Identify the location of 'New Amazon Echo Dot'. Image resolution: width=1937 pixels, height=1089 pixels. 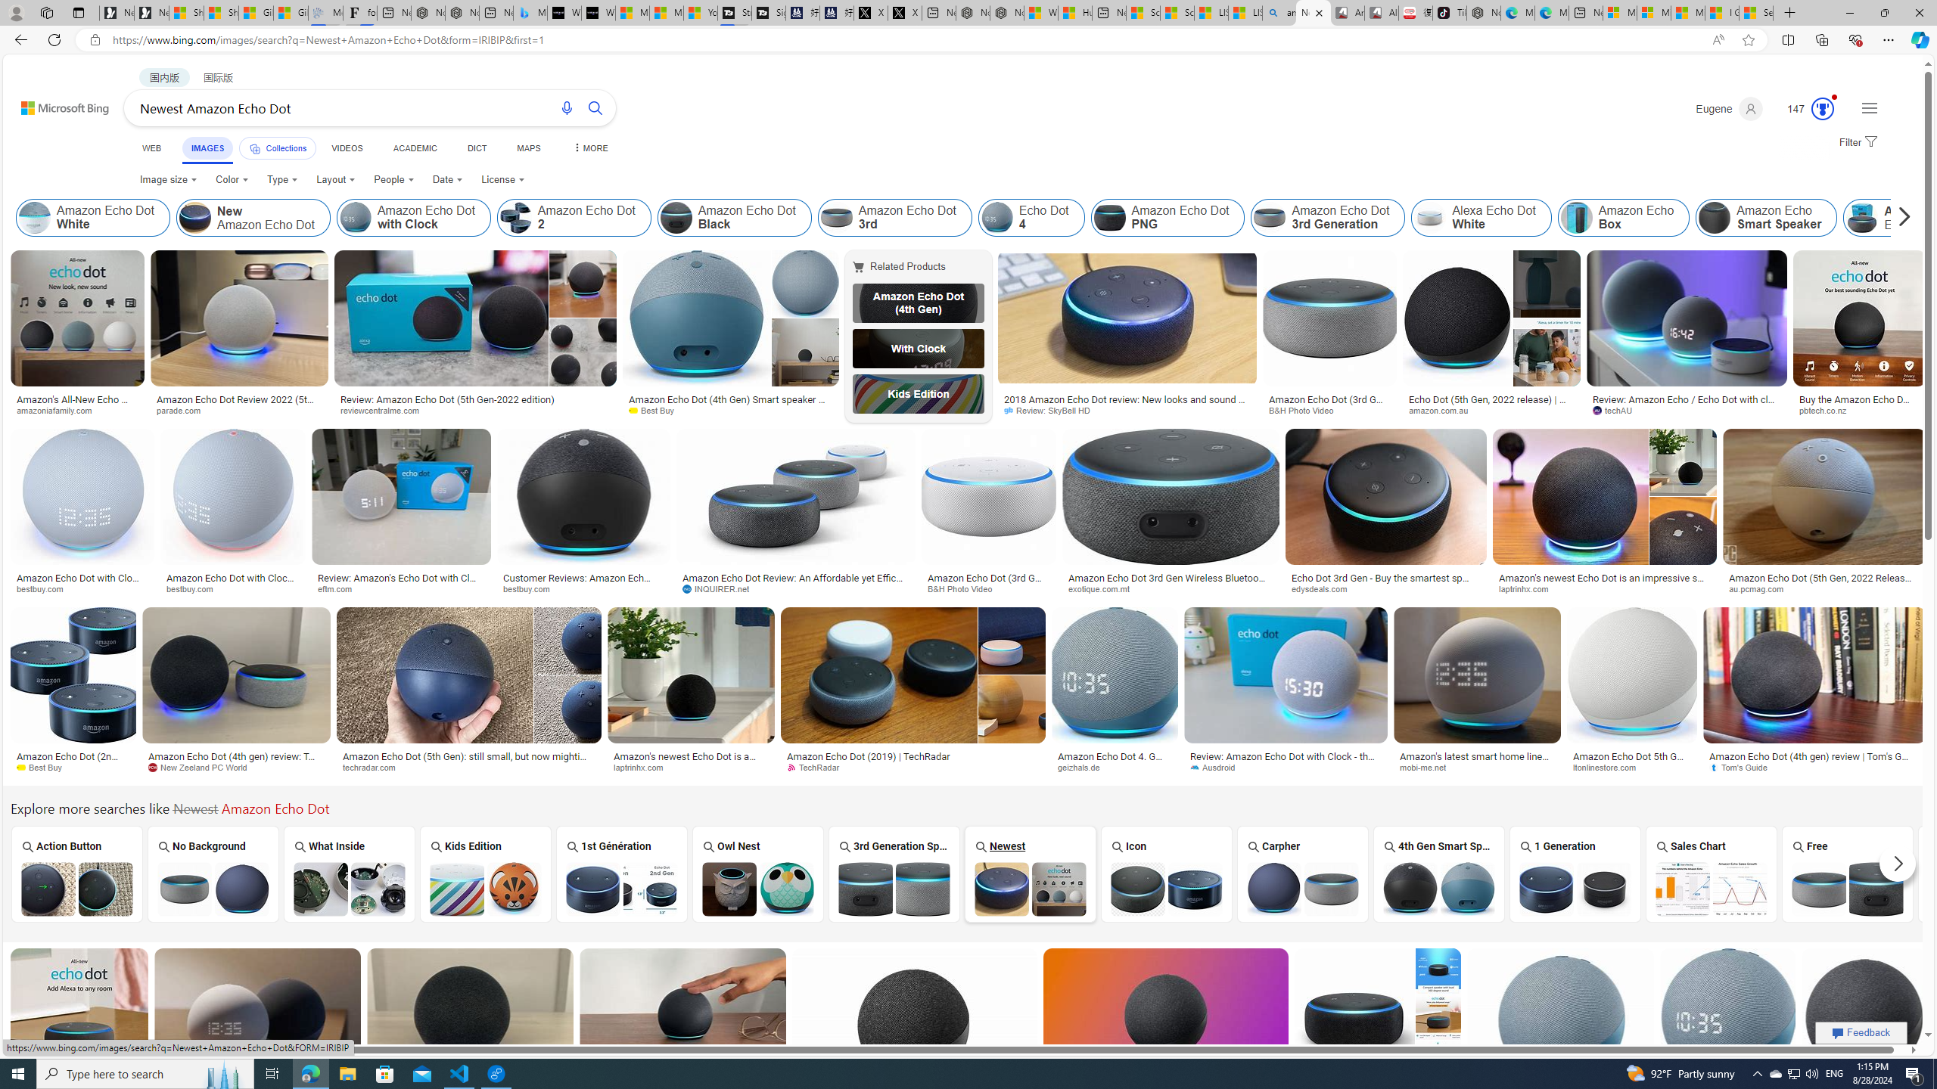
(194, 217).